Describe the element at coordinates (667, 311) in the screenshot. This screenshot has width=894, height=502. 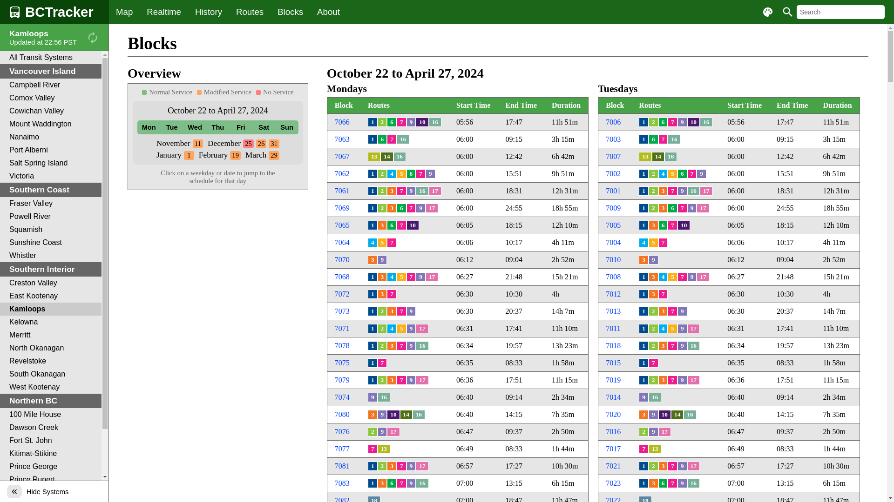
I see `'7'` at that location.